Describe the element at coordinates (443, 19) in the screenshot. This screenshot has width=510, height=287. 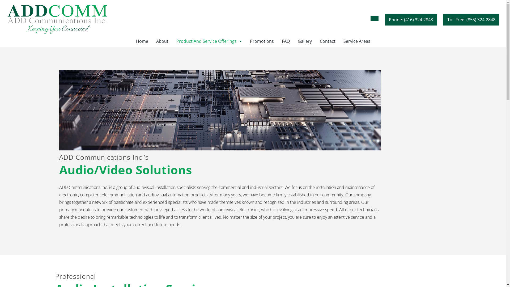
I see `'Toll Free: (855) 324-2848'` at that location.